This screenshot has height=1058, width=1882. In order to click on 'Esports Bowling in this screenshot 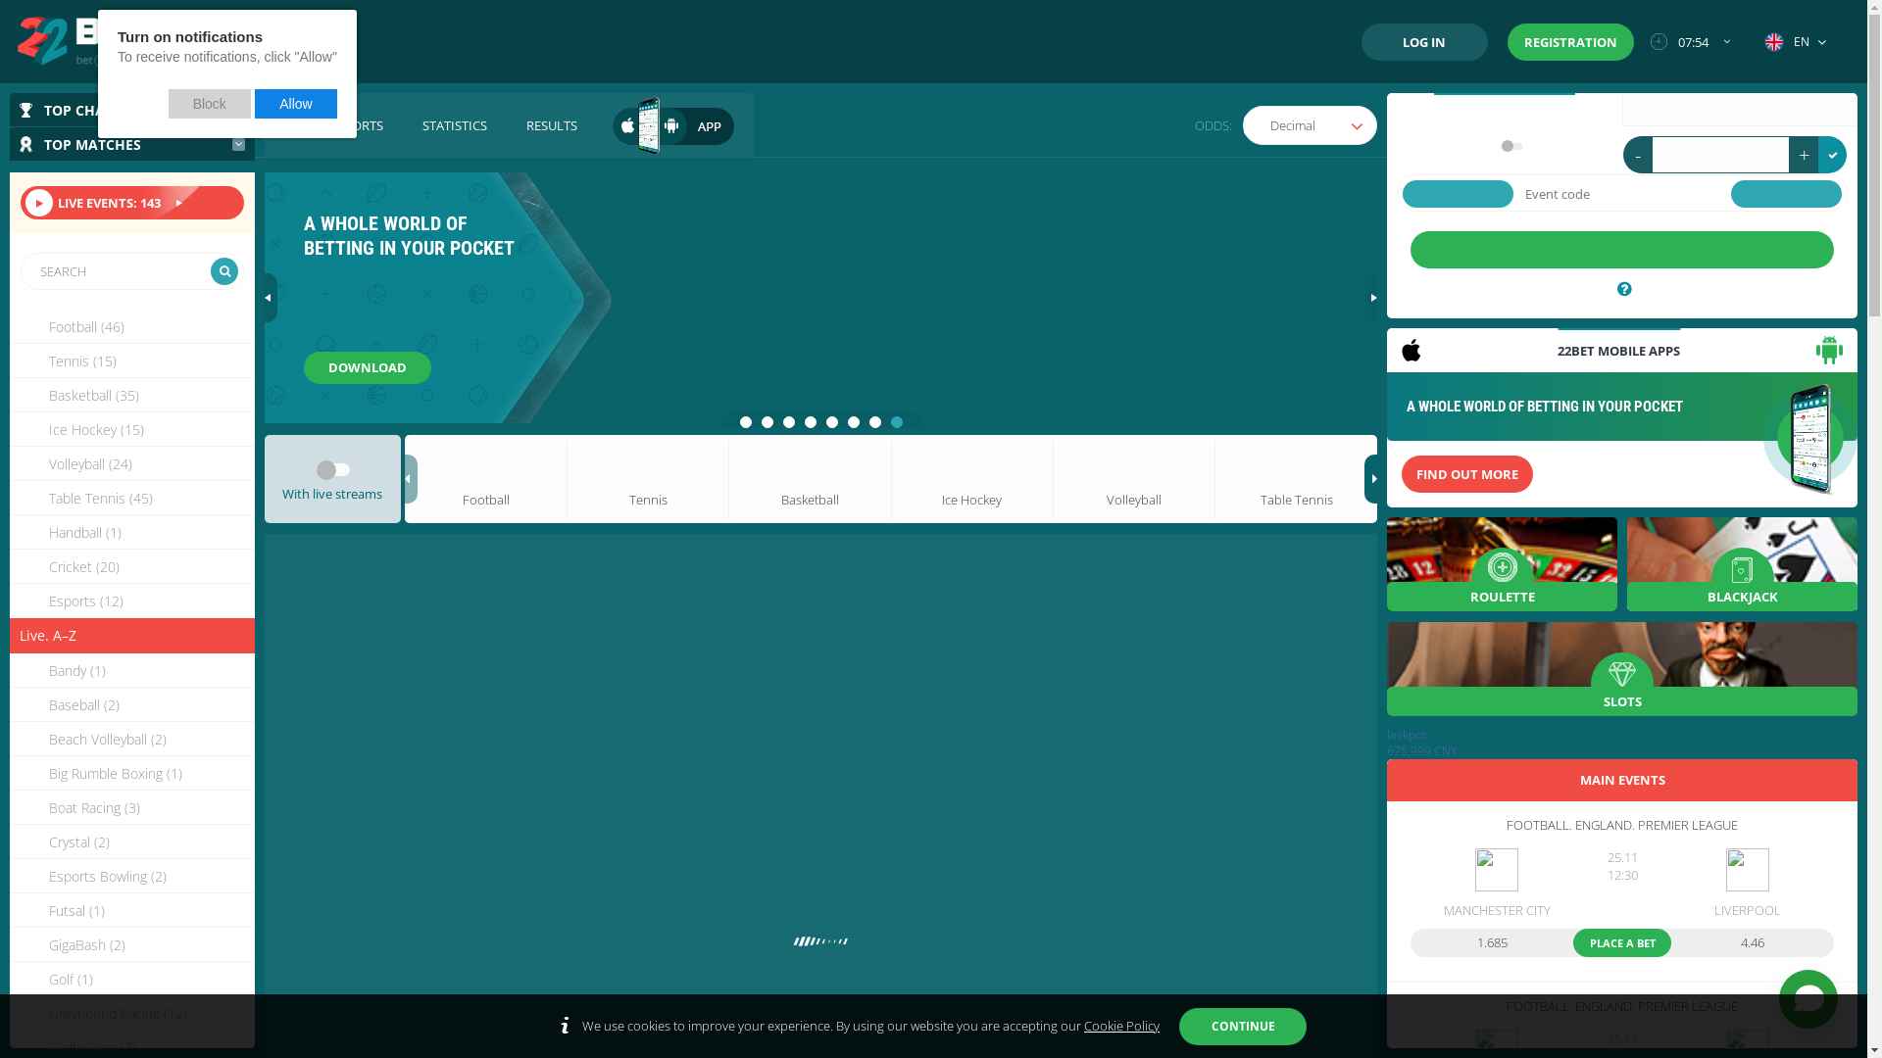, I will do `click(130, 875)`.